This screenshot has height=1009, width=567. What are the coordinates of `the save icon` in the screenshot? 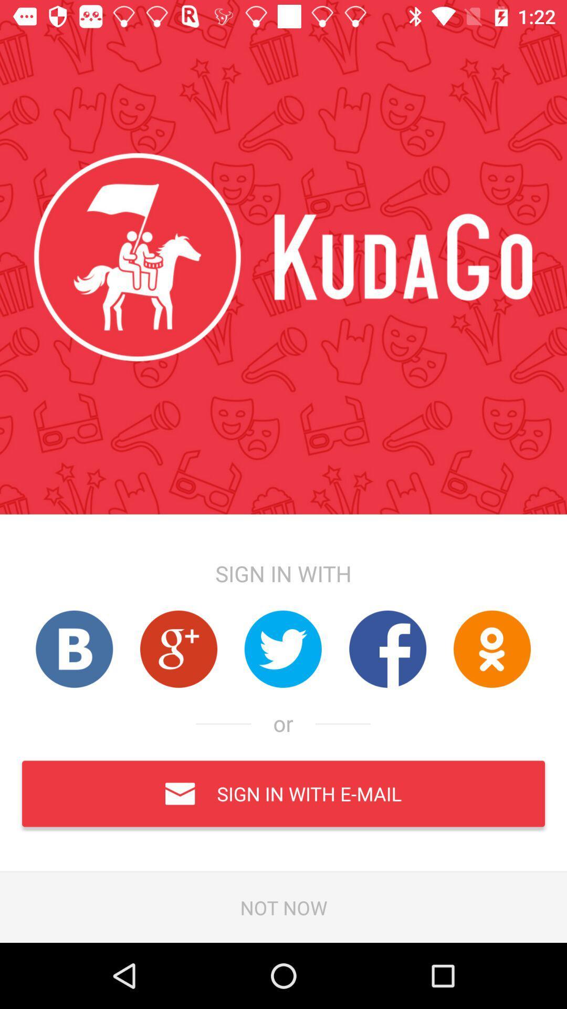 It's located at (73, 648).